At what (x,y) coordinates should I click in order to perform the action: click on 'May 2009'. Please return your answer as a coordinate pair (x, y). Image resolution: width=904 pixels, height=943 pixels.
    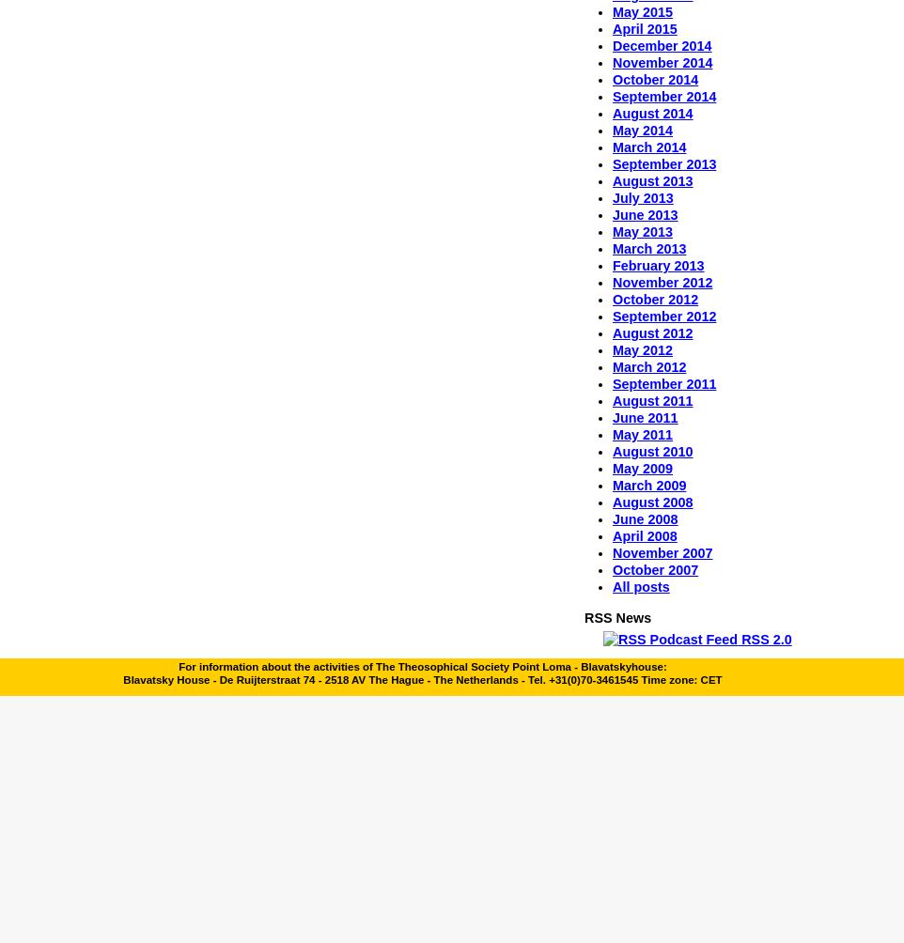
    Looking at the image, I should click on (641, 467).